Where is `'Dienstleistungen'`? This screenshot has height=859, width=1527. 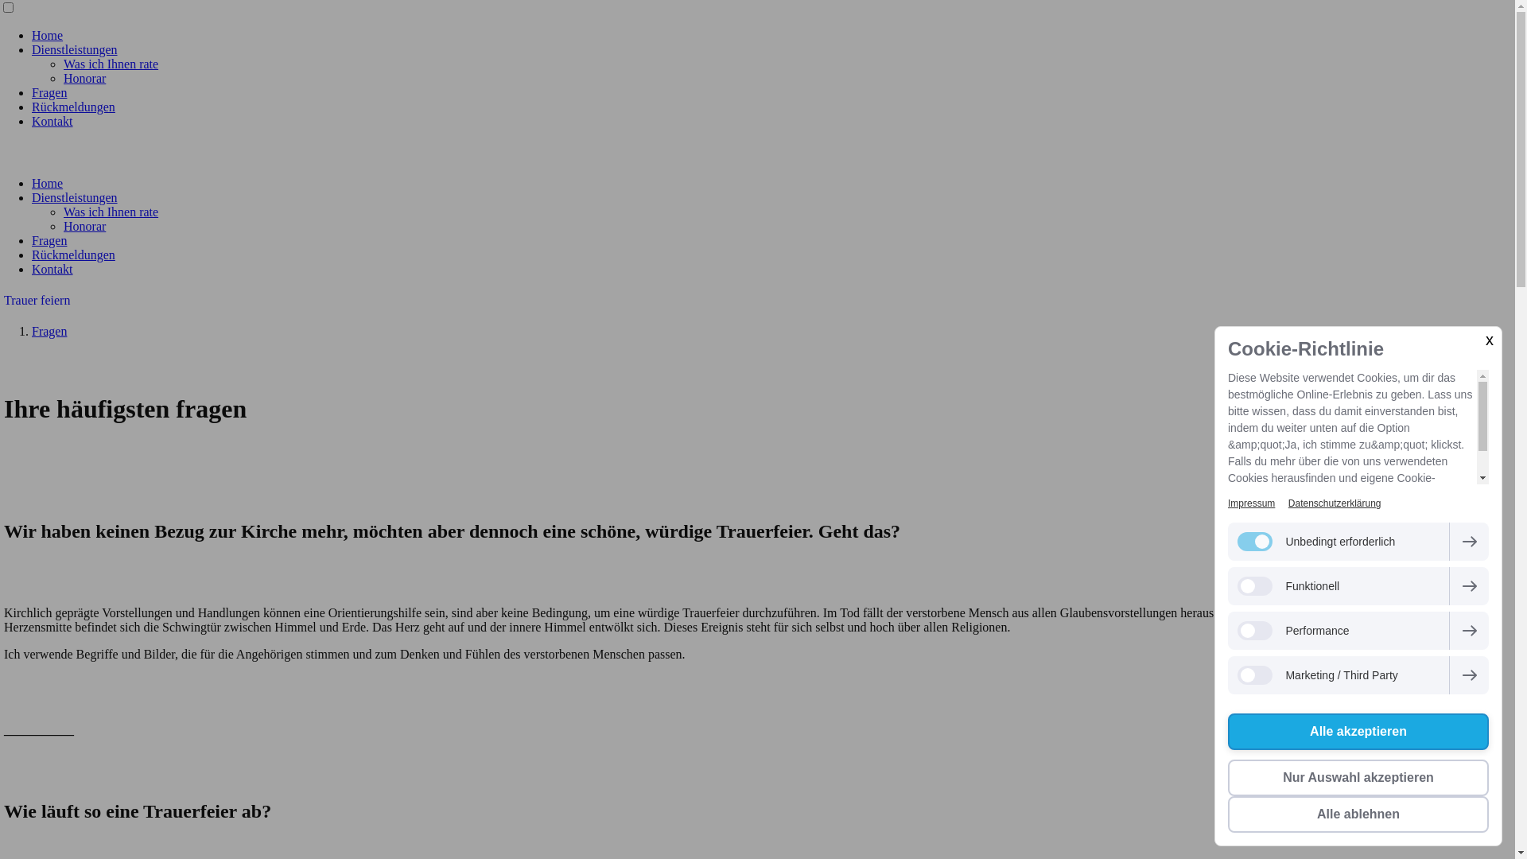 'Dienstleistungen' is located at coordinates (74, 196).